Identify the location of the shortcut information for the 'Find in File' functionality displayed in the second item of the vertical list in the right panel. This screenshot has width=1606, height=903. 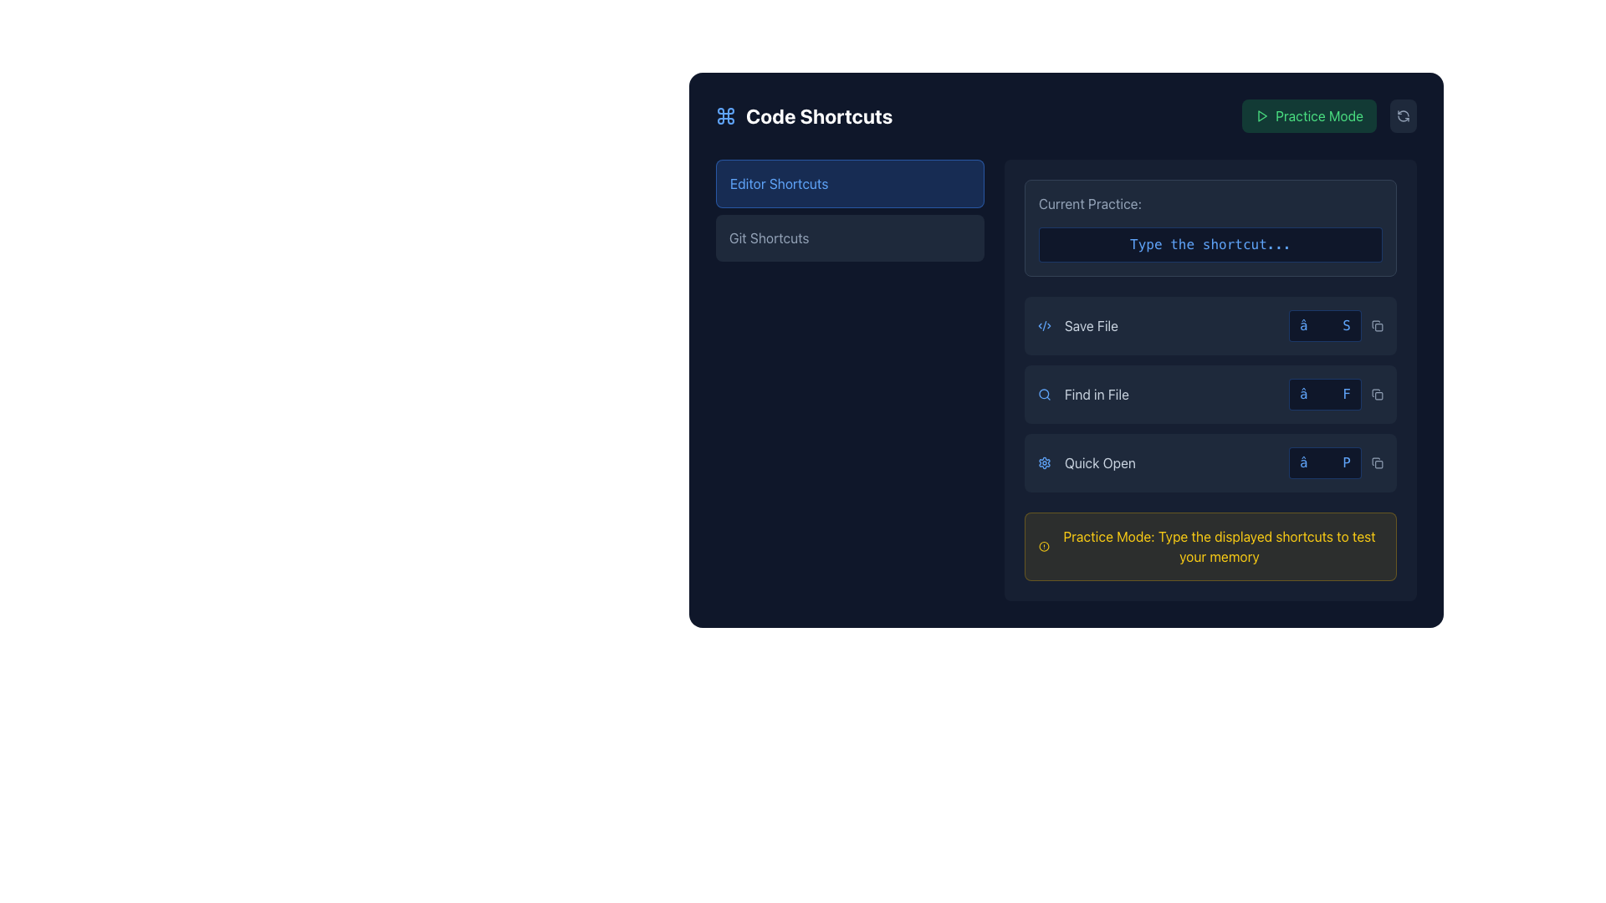
(1210, 394).